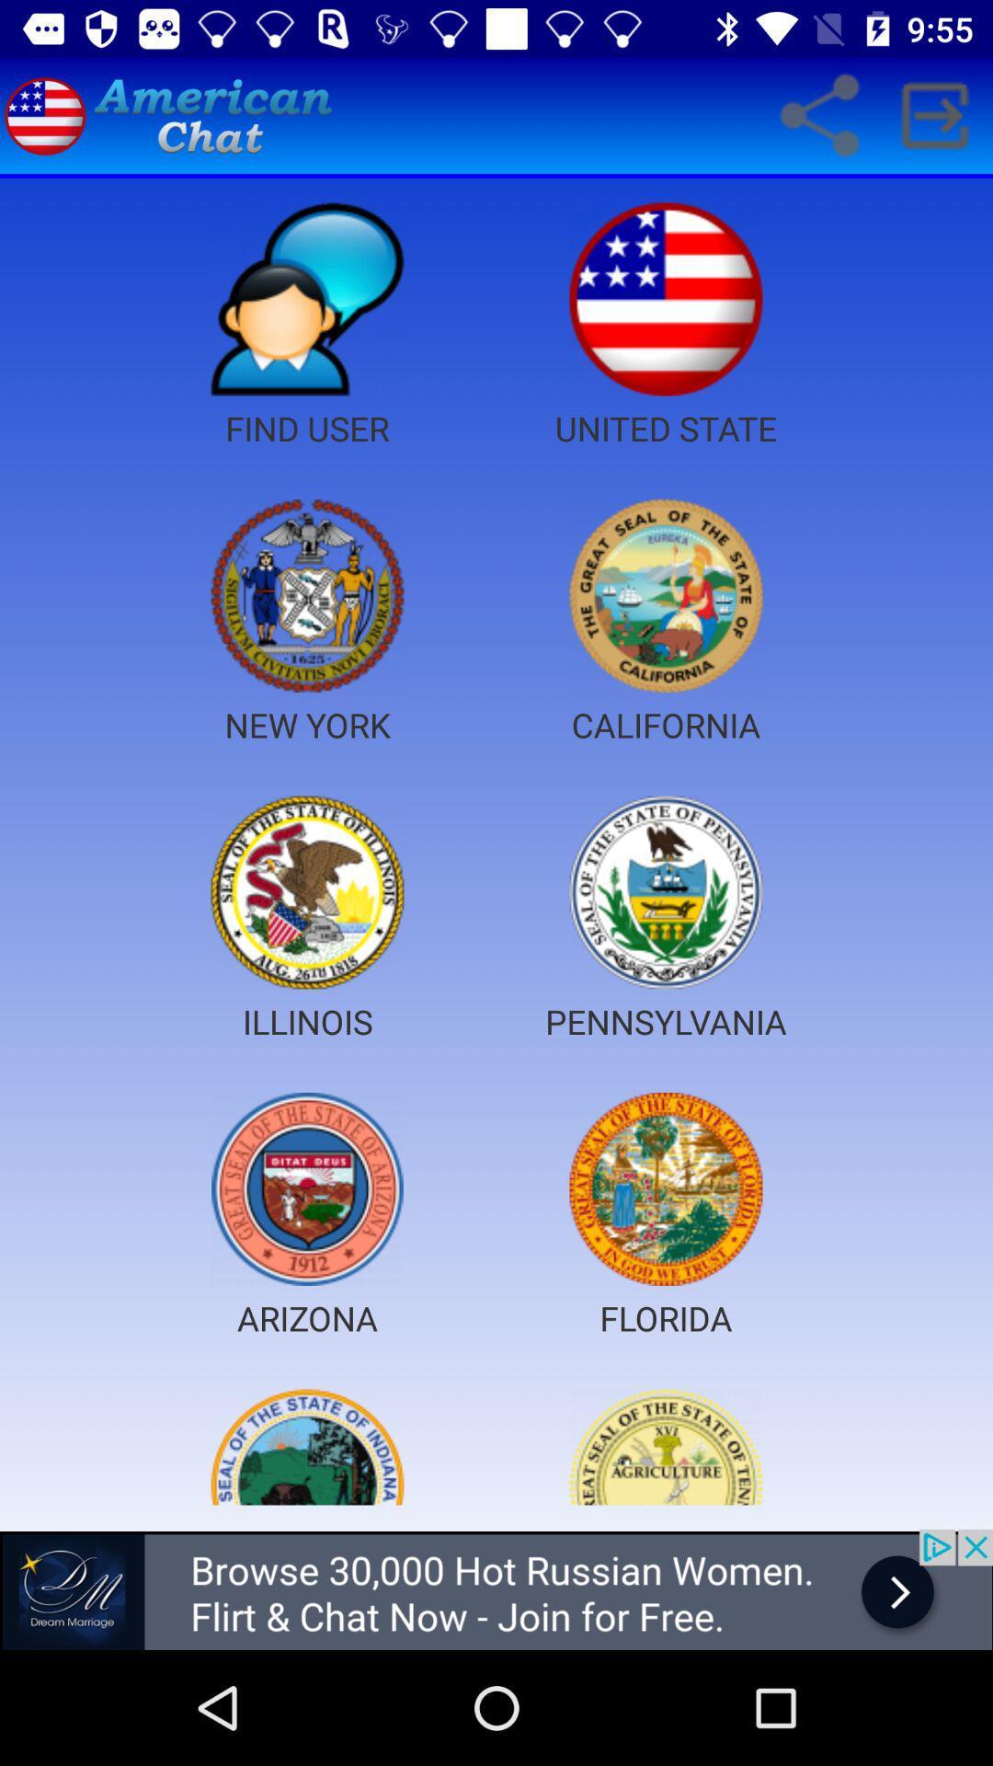 The image size is (993, 1766). I want to click on share, so click(818, 114).